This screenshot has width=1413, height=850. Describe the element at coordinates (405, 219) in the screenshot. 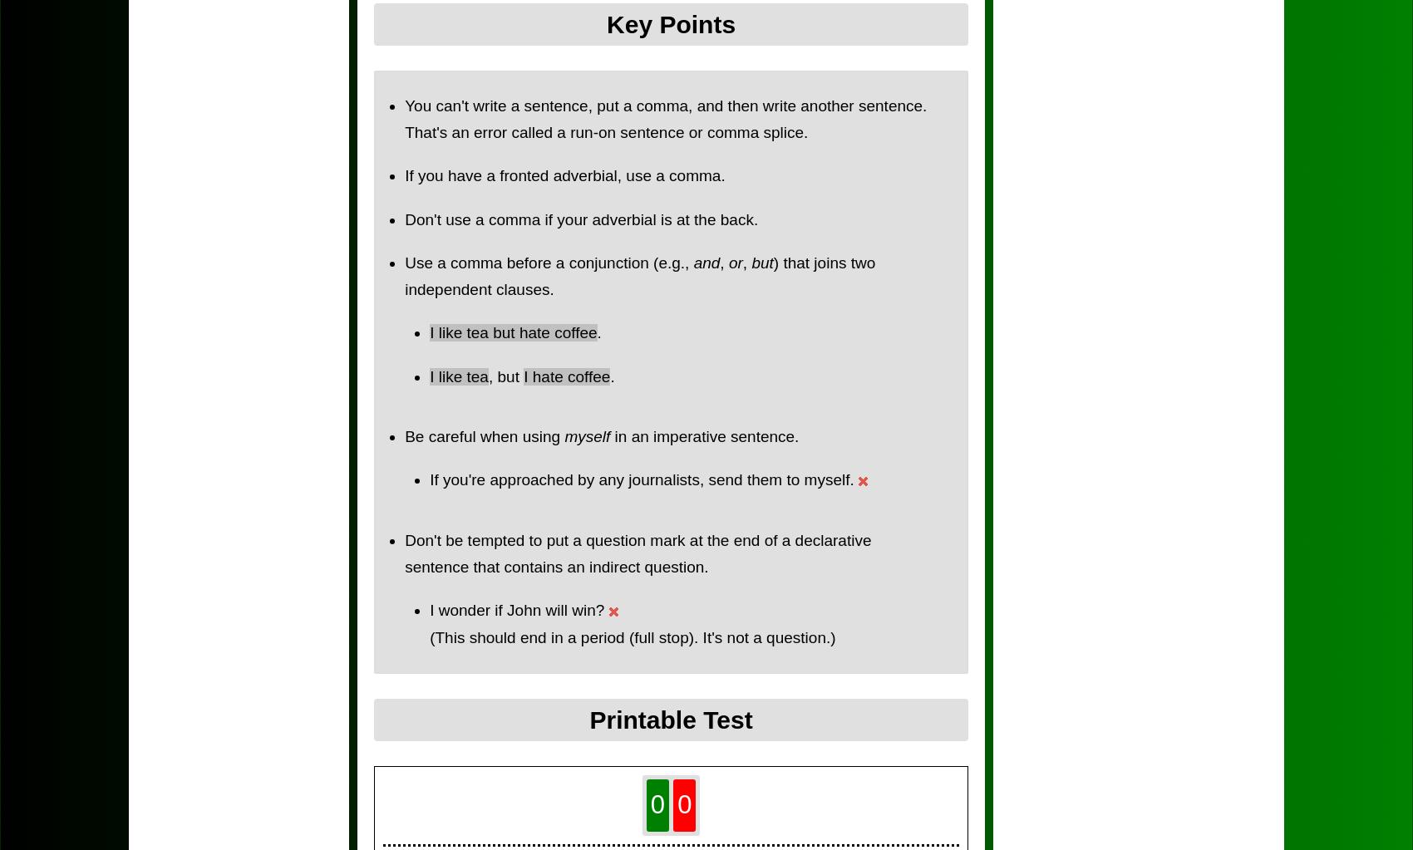

I see `'Don't use a comma if your adverbial is at the back.'` at that location.